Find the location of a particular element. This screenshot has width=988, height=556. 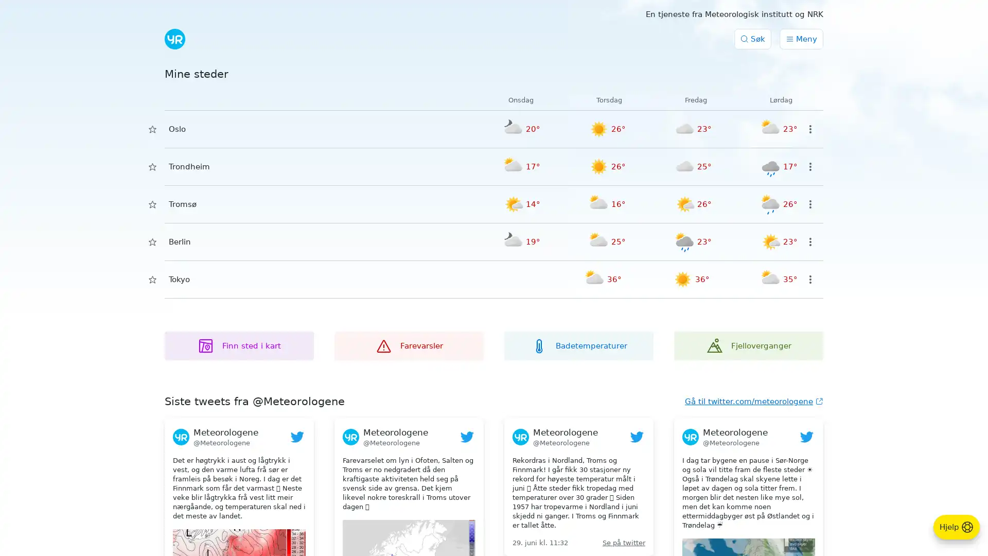

Lagre i Mine steder is located at coordinates (152, 128).